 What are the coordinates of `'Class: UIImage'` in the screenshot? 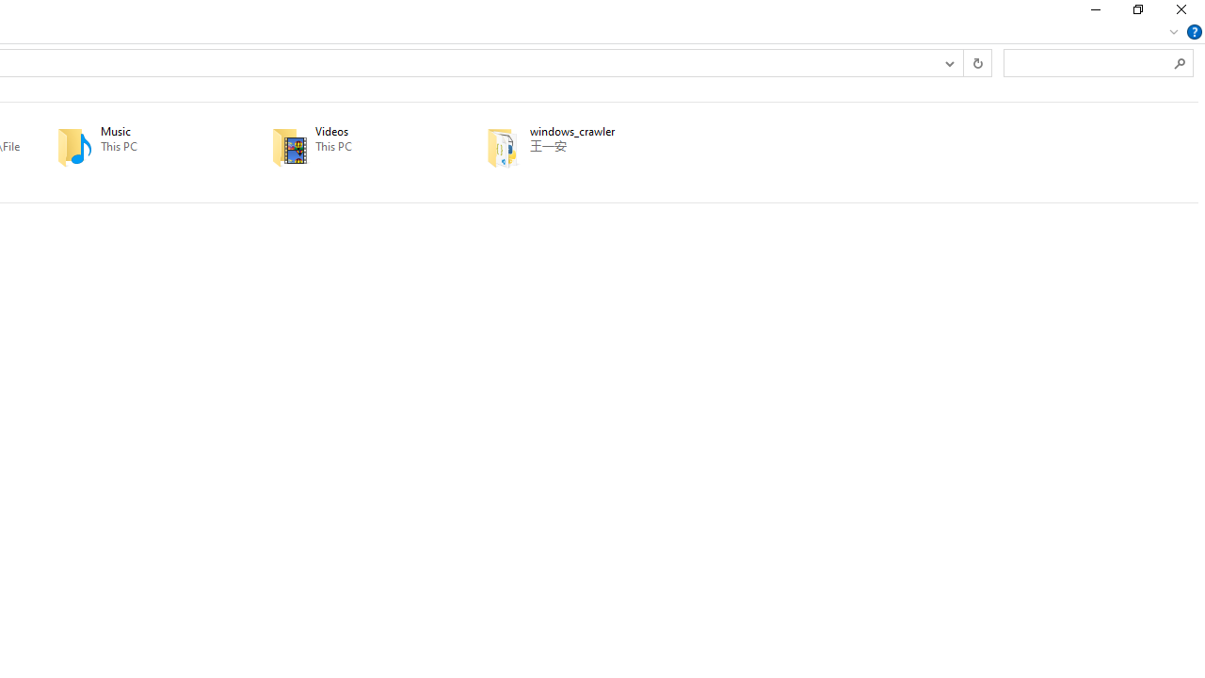 It's located at (504, 145).